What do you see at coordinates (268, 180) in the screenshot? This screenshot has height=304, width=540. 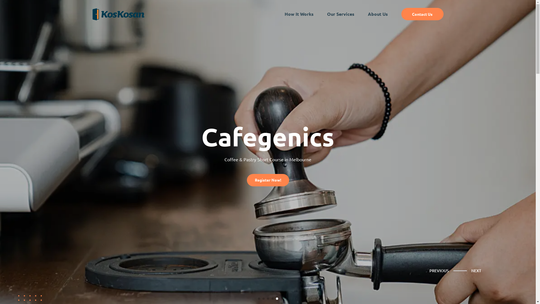 I see `'Register Now!'` at bounding box center [268, 180].